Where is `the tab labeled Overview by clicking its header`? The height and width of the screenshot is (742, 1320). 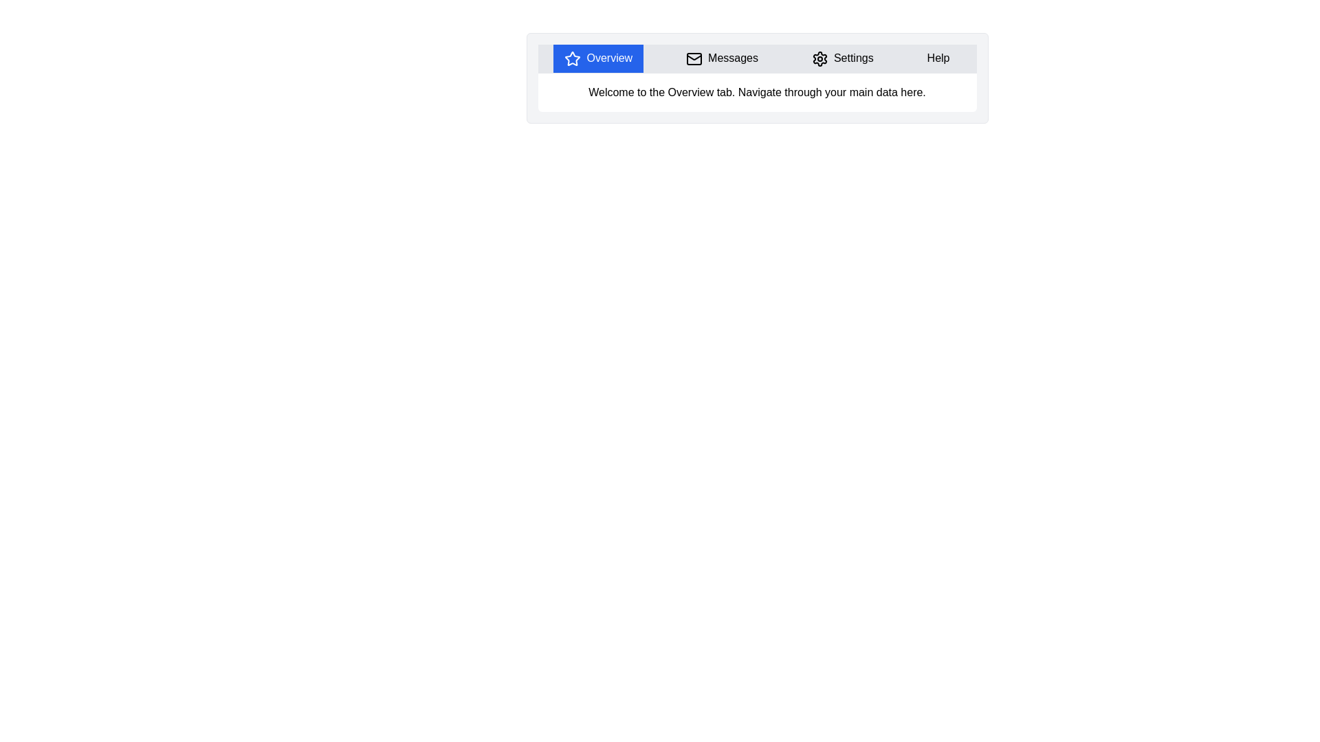
the tab labeled Overview by clicking its header is located at coordinates (598, 58).